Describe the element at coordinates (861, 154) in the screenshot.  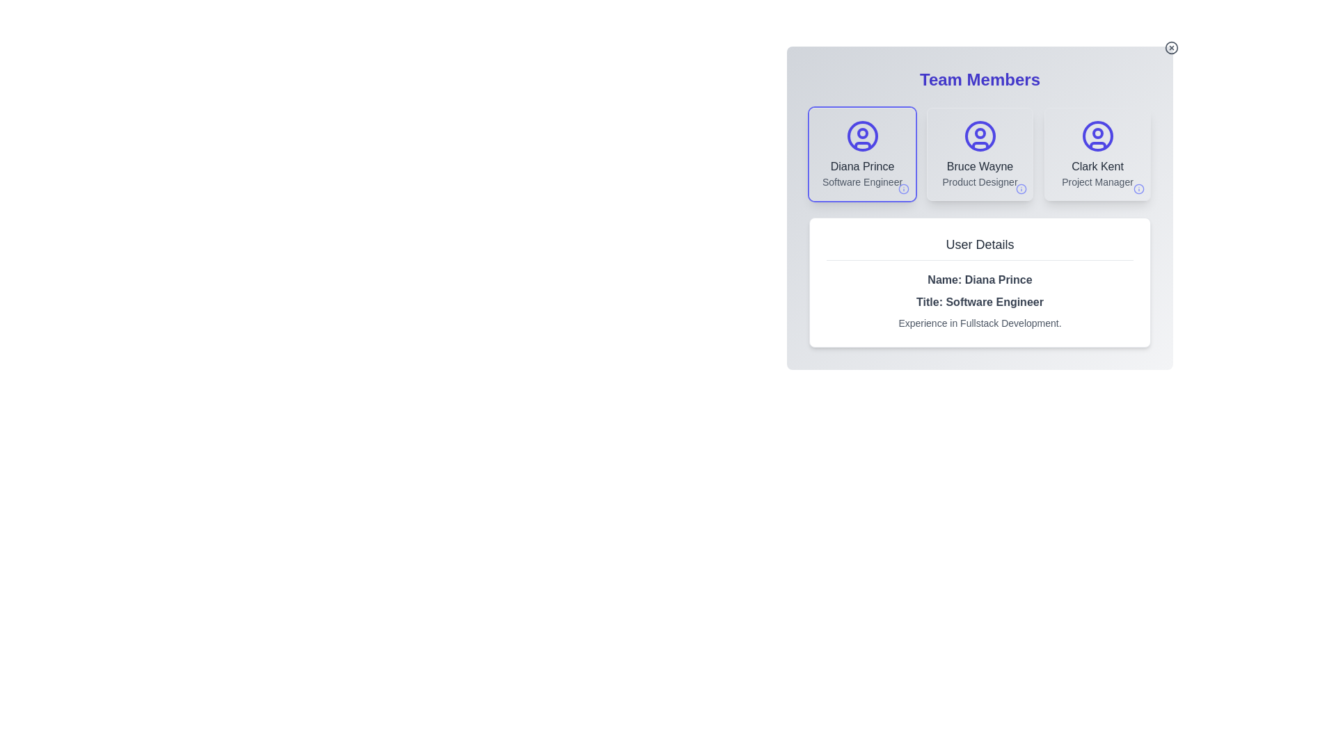
I see `the Profile card for 'Diana Prince', which contains a blue user icon and the title 'Software Engineer', located in the first column of the 'Team Members' section` at that location.